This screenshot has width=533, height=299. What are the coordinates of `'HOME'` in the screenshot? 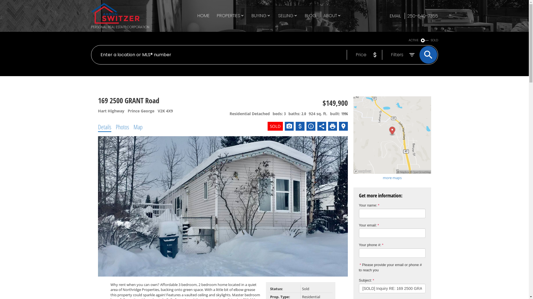 It's located at (203, 16).